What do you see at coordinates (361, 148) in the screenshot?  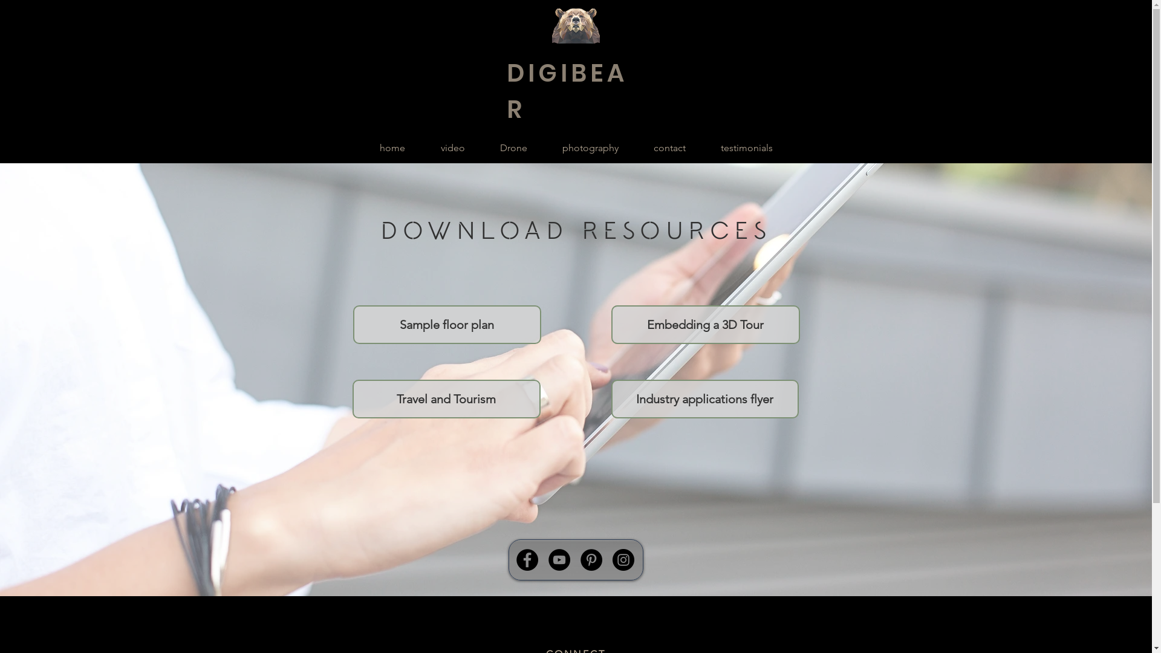 I see `'home'` at bounding box center [361, 148].